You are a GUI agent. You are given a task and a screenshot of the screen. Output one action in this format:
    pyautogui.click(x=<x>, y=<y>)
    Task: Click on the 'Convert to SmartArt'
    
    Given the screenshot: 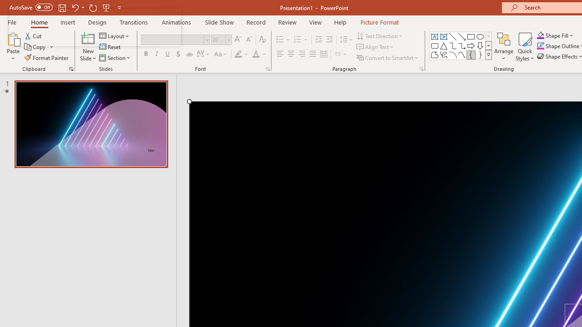 What is the action you would take?
    pyautogui.click(x=388, y=58)
    